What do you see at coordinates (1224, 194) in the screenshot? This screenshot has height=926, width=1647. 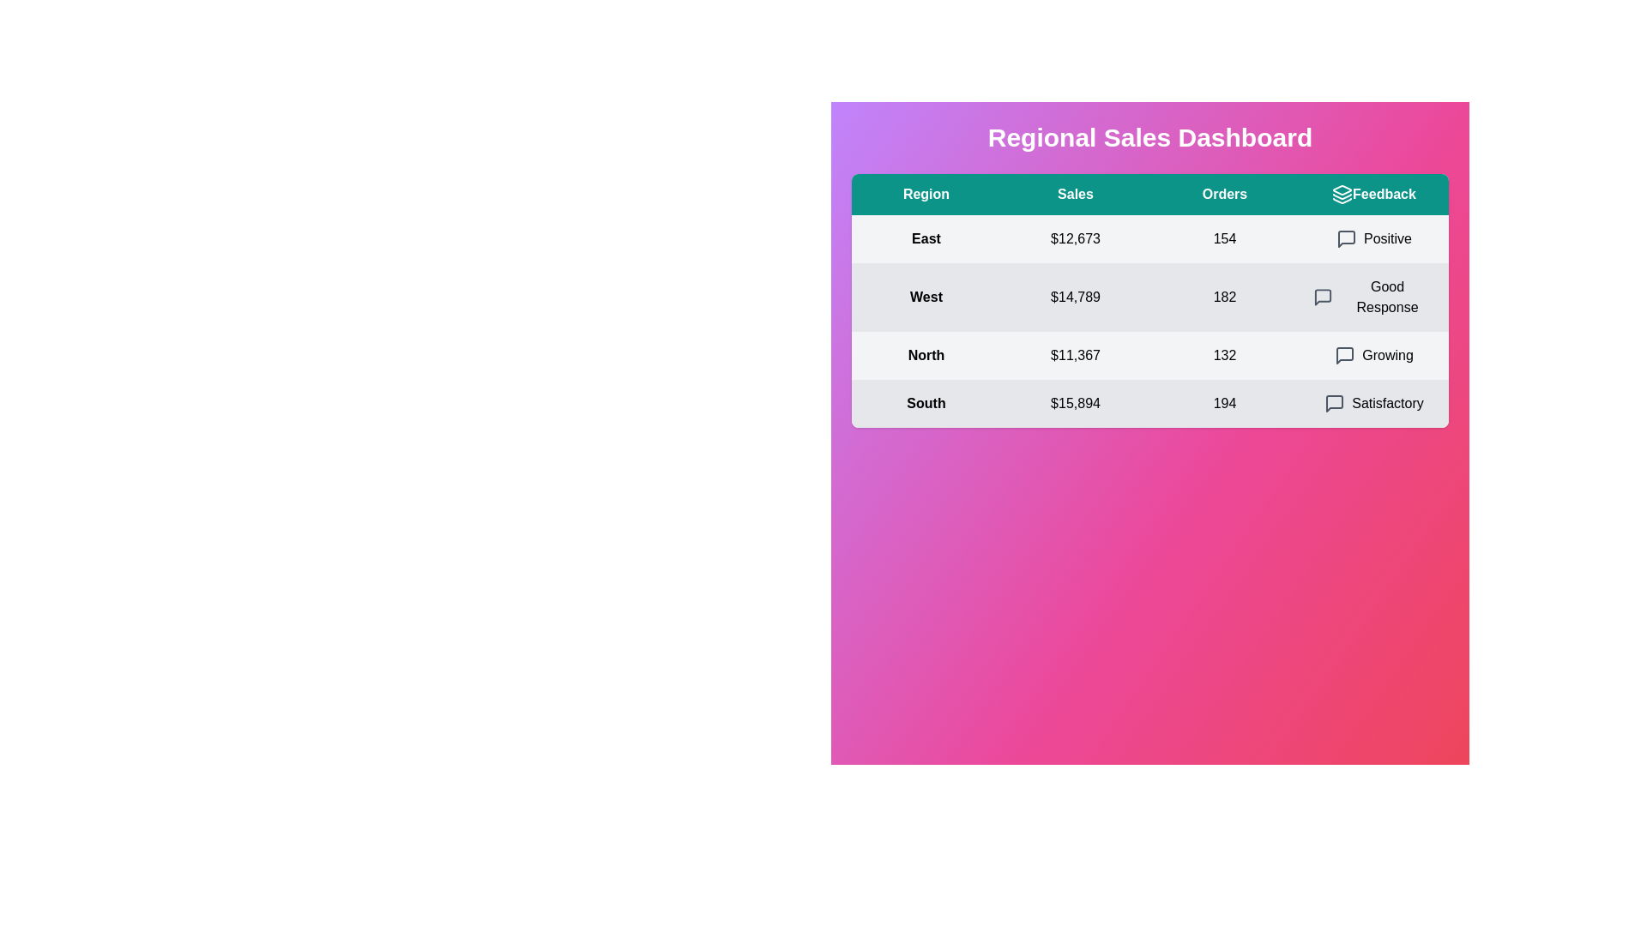 I see `the text in the table header Orders` at bounding box center [1224, 194].